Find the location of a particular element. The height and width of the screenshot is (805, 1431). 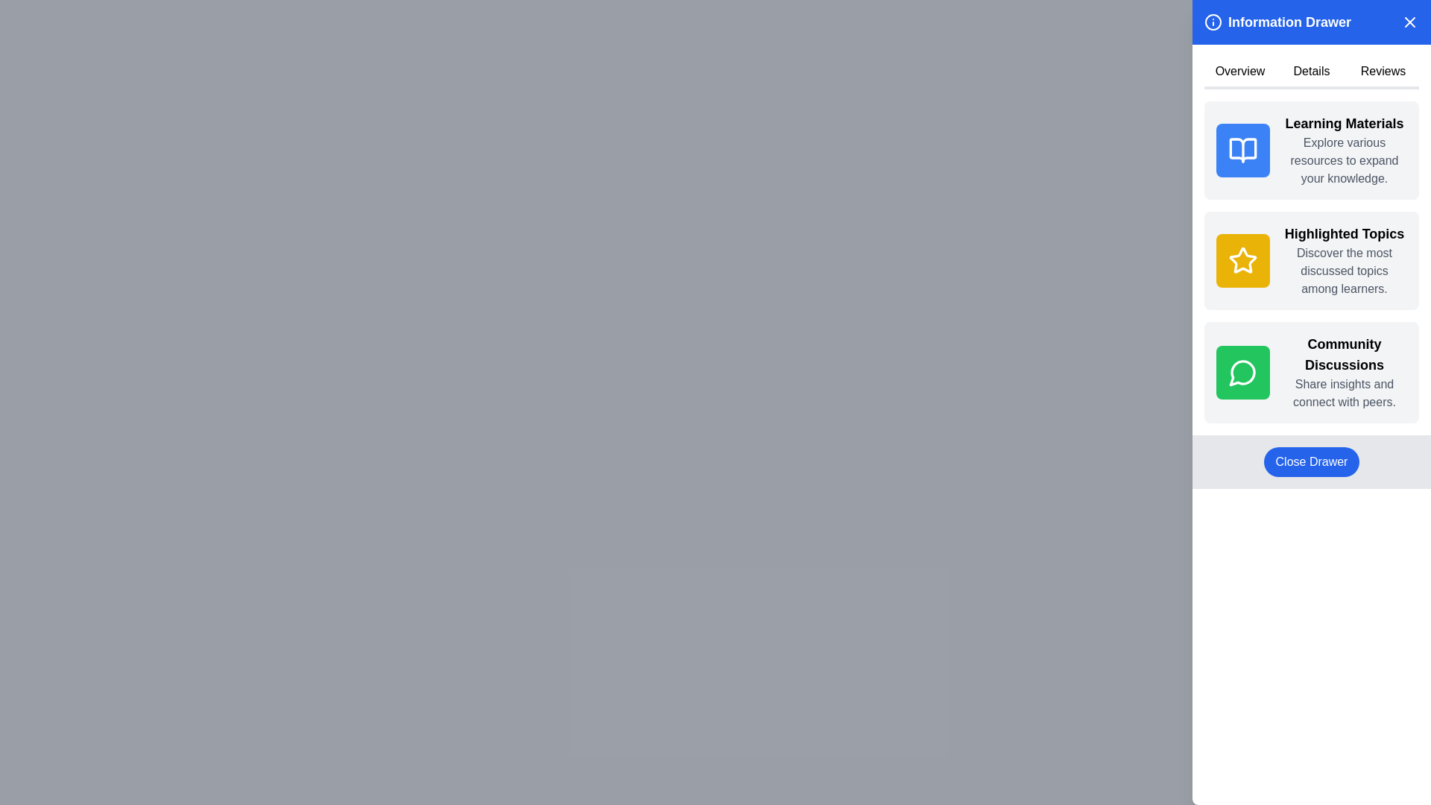

the 'Learning Materials' button located at the top of the 'Information Drawer' sidebar is located at coordinates (1243, 150).